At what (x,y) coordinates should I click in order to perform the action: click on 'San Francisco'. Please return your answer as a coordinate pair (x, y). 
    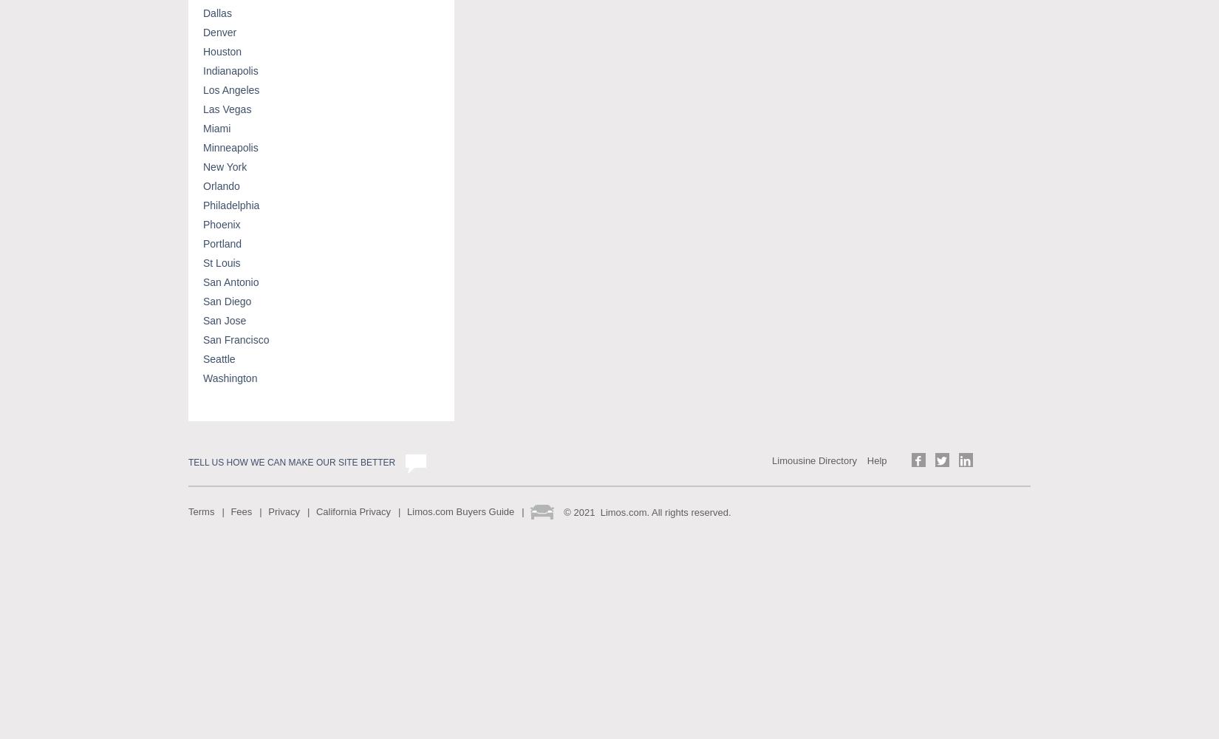
    Looking at the image, I should click on (236, 338).